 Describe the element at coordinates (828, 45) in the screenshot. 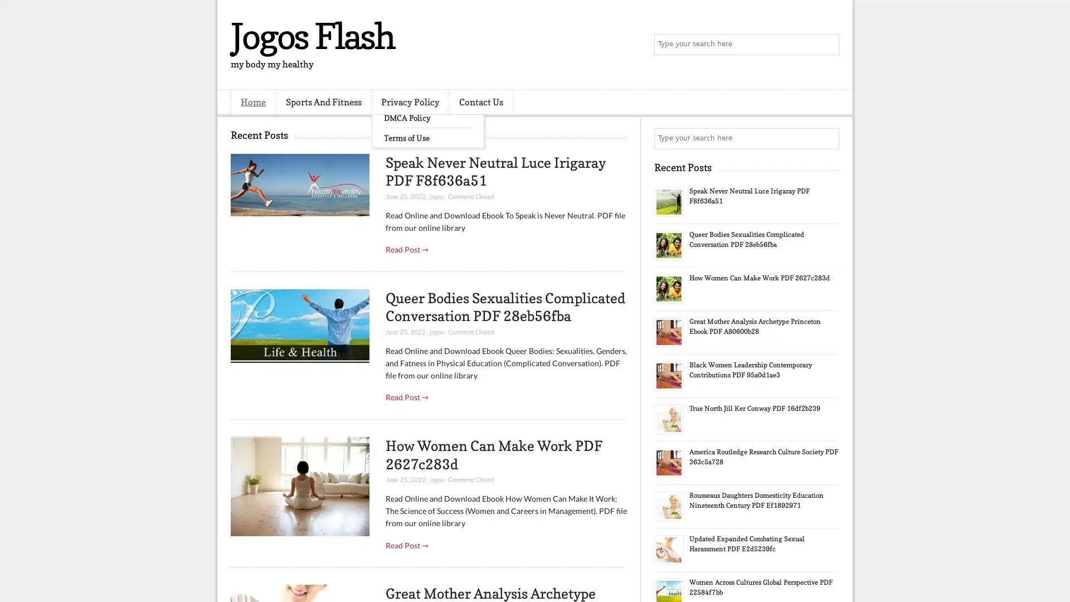

I see `Search` at that location.